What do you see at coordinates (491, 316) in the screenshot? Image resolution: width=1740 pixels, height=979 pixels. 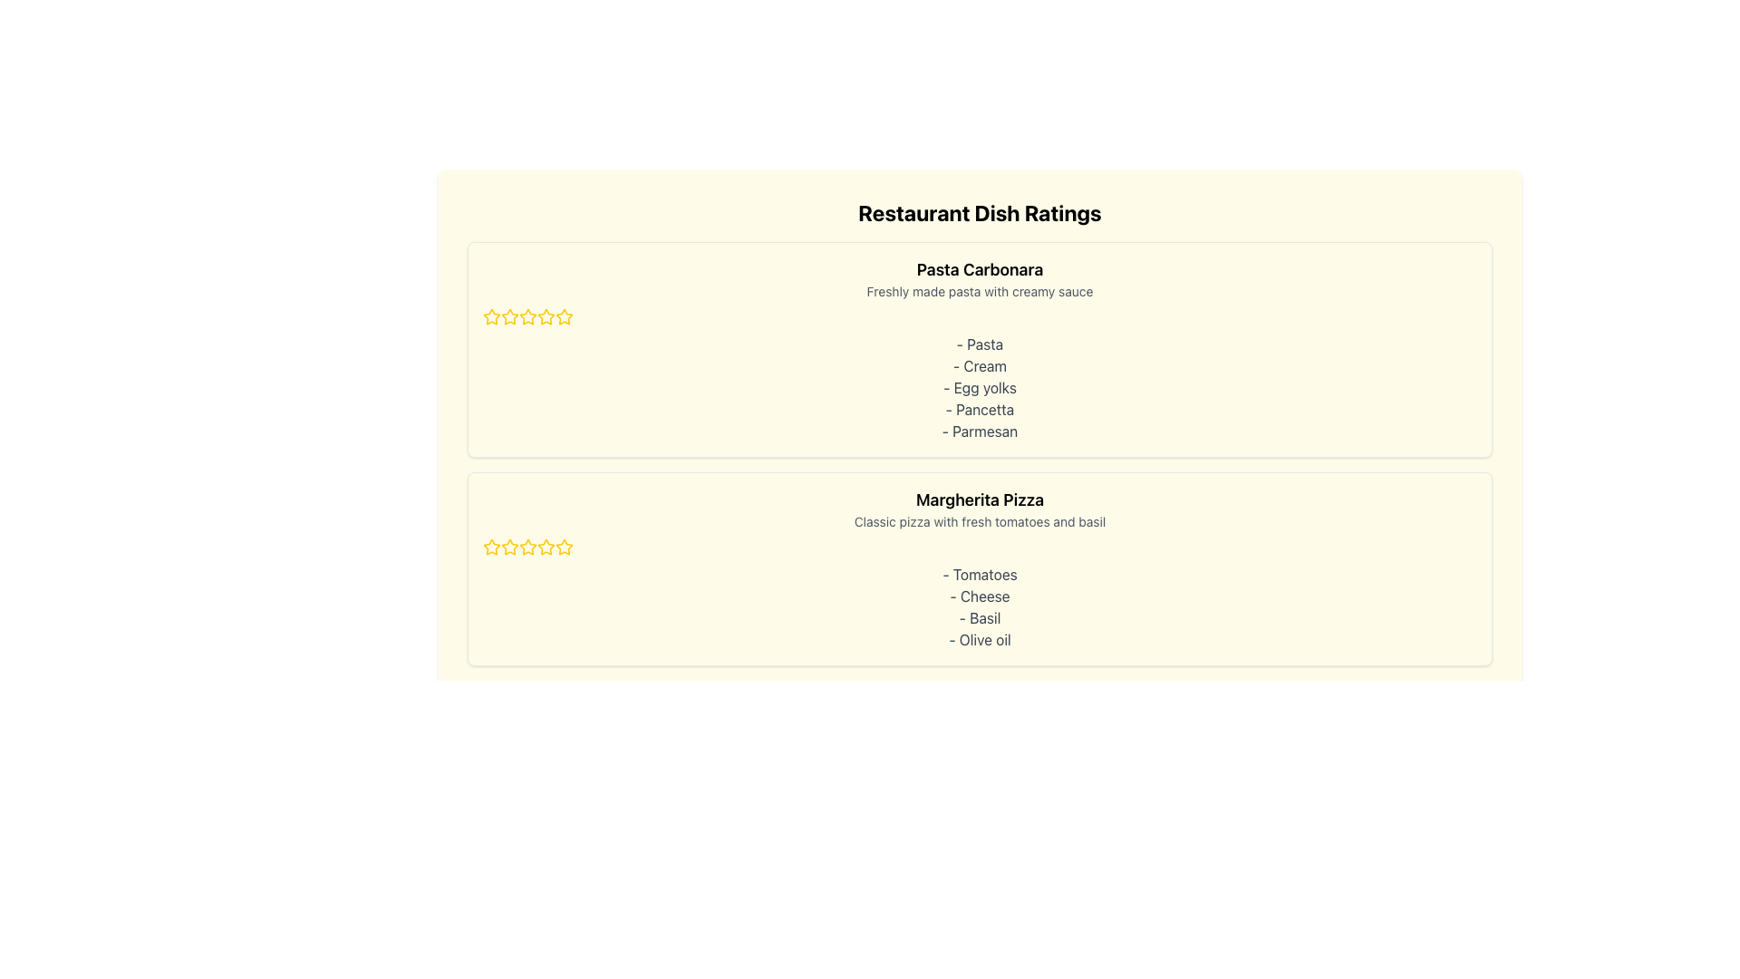 I see `the first yellow star icon in the rating section underneath the 'Pasta Carbonara' dish description to rate it` at bounding box center [491, 316].